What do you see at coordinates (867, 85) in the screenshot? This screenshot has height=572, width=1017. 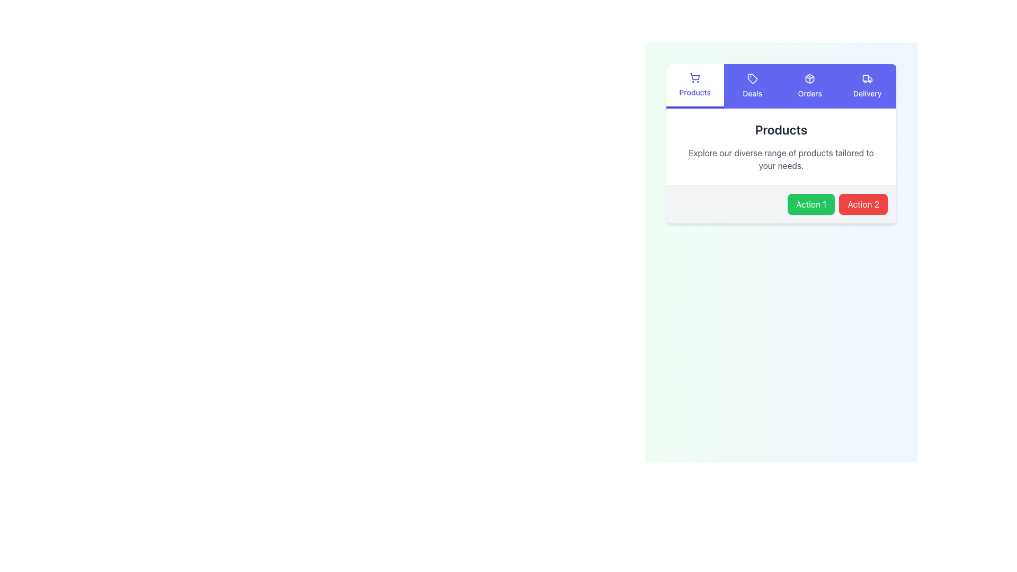 I see `the 'Delivery' tab button, which is the fourth in a row of tab buttons` at bounding box center [867, 85].